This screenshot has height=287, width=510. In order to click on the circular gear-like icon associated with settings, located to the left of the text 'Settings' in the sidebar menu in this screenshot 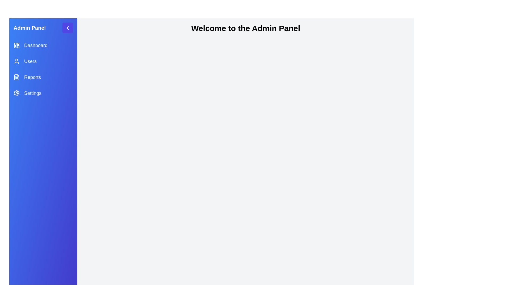, I will do `click(16, 93)`.